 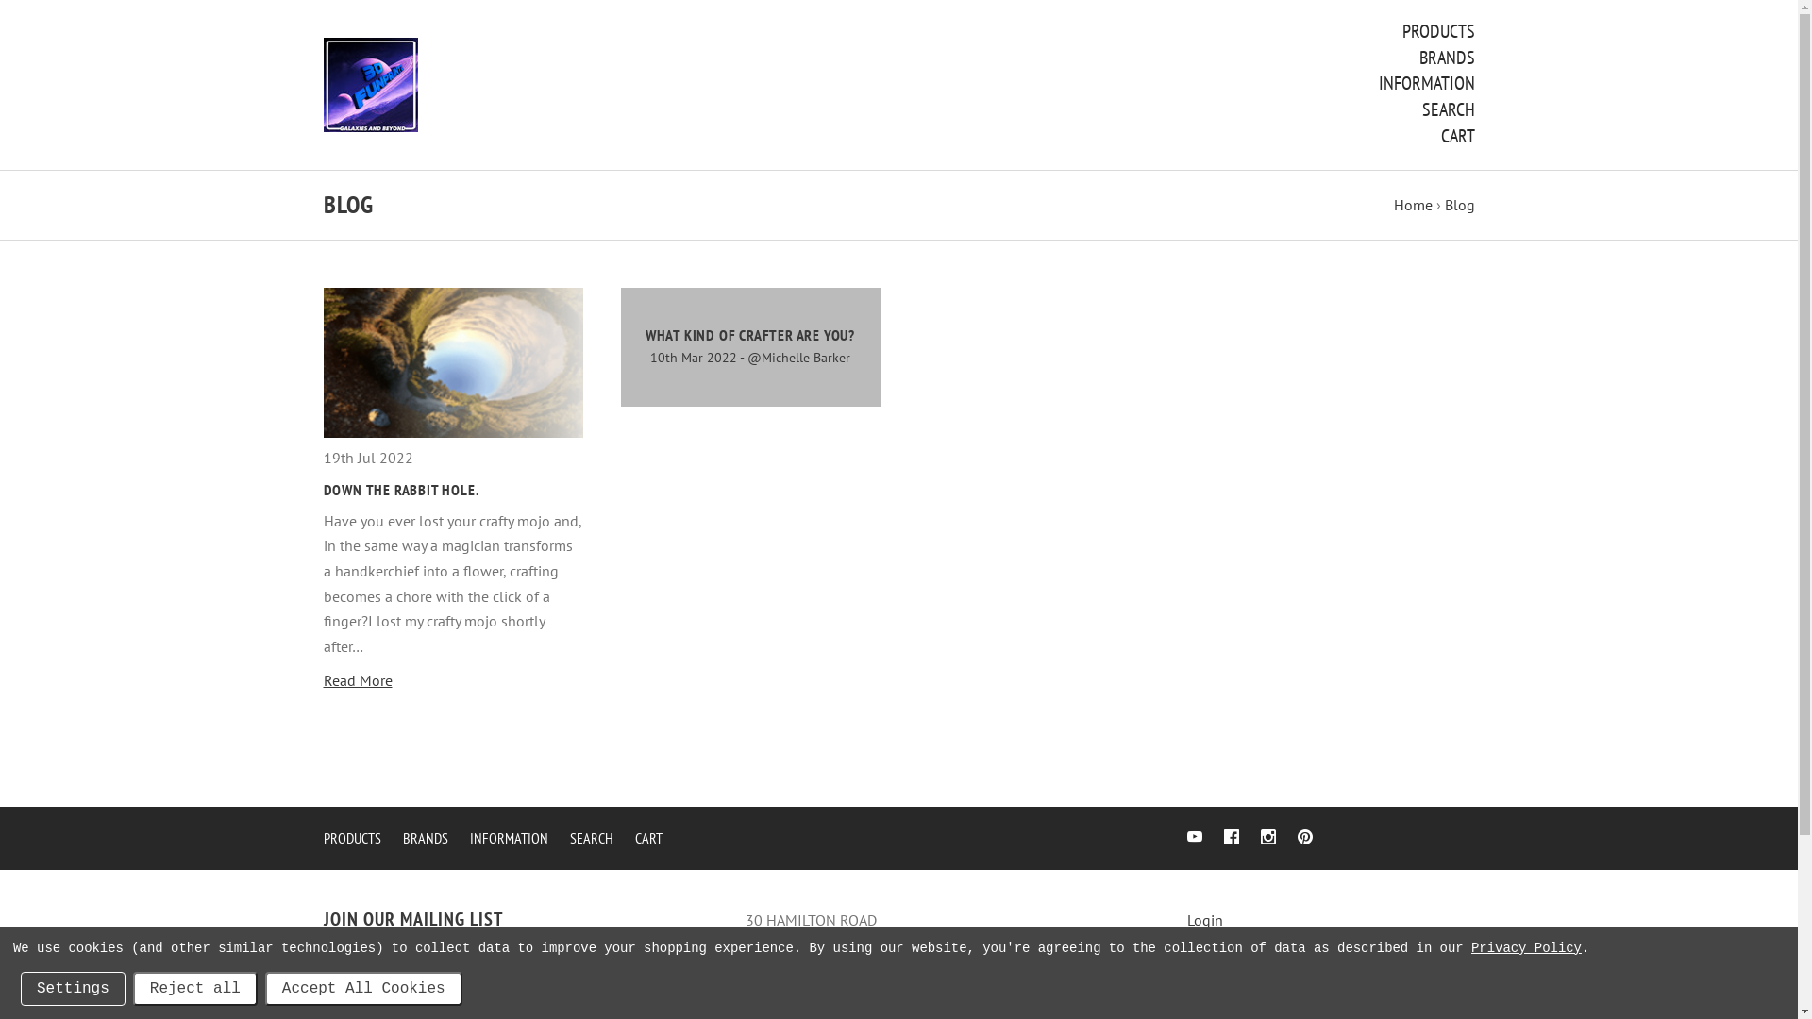 What do you see at coordinates (749, 357) in the screenshot?
I see `'10th Mar 2022 - @Michelle Barker'` at bounding box center [749, 357].